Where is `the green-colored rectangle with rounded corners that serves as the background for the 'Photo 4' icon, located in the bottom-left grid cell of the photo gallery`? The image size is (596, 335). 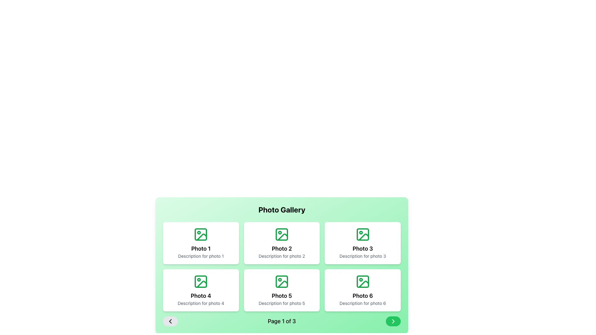 the green-colored rectangle with rounded corners that serves as the background for the 'Photo 4' icon, located in the bottom-left grid cell of the photo gallery is located at coordinates (201, 281).